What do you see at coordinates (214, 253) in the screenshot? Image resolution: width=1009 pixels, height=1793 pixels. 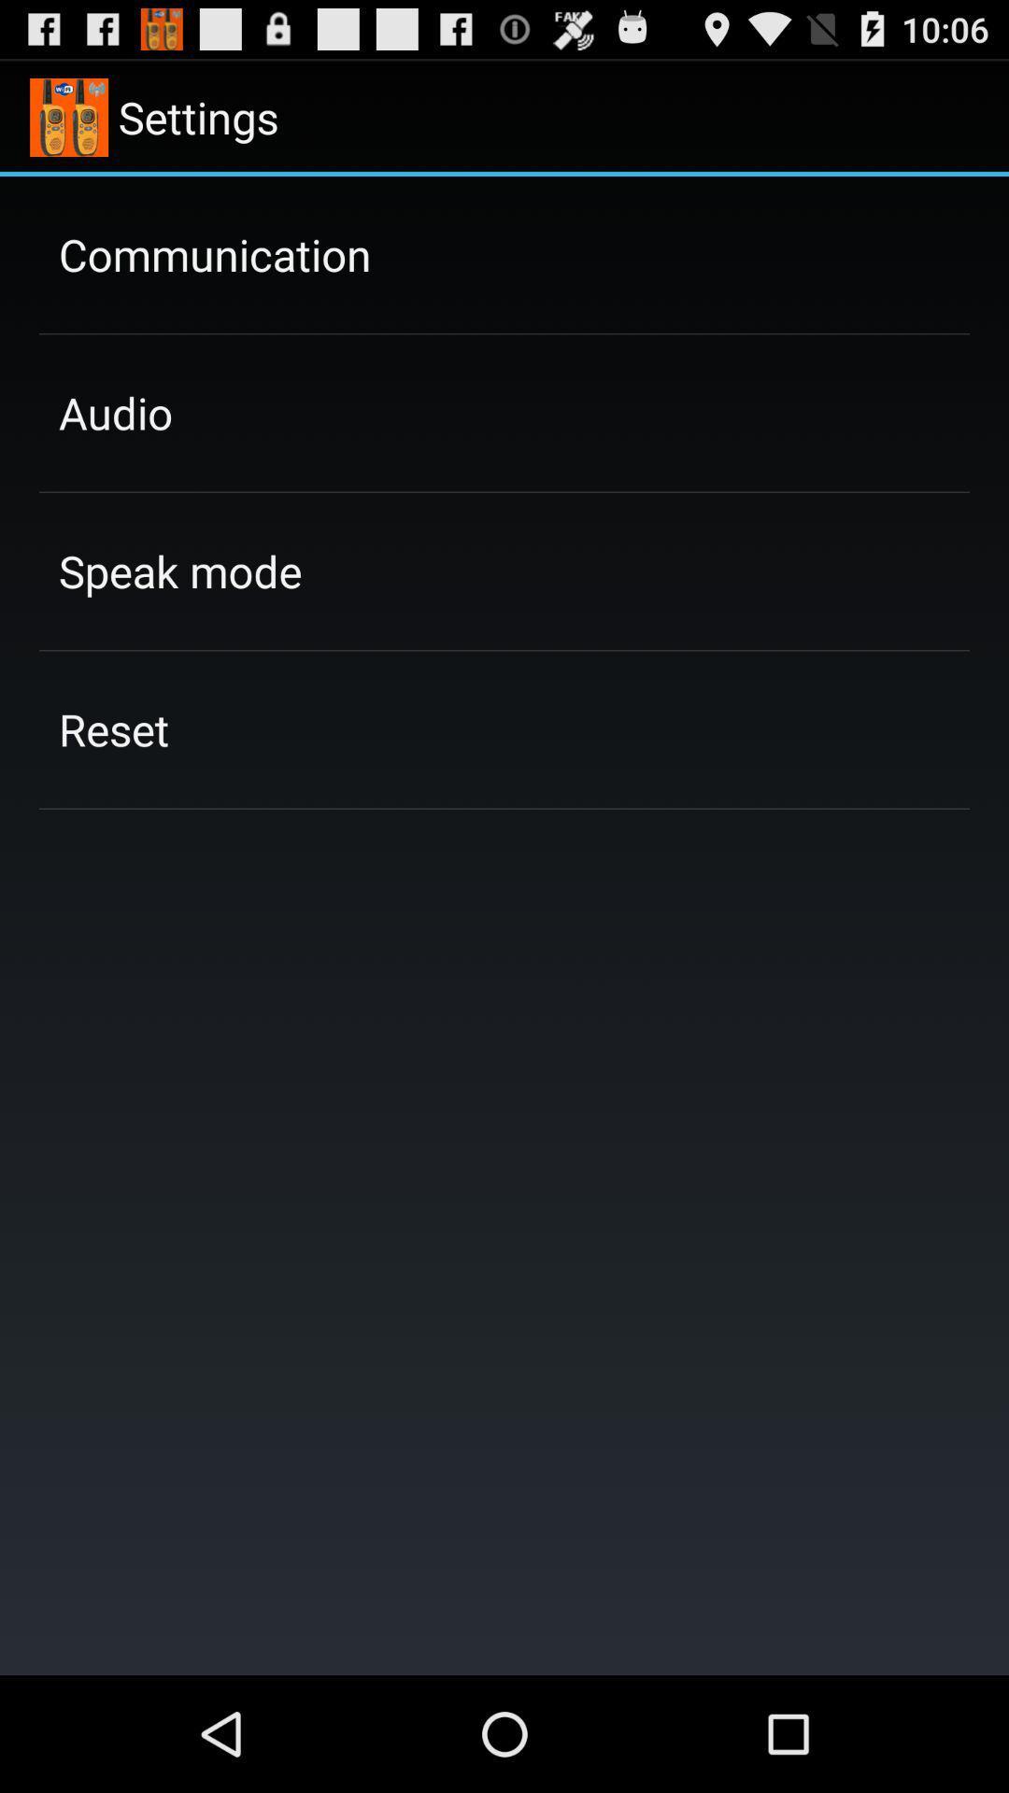 I see `app above the audio item` at bounding box center [214, 253].